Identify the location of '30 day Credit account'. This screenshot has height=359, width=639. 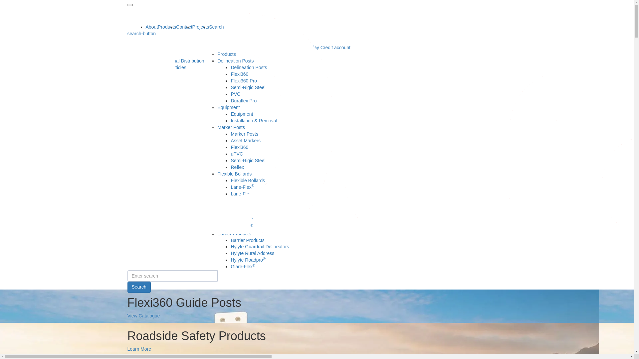
(327, 47).